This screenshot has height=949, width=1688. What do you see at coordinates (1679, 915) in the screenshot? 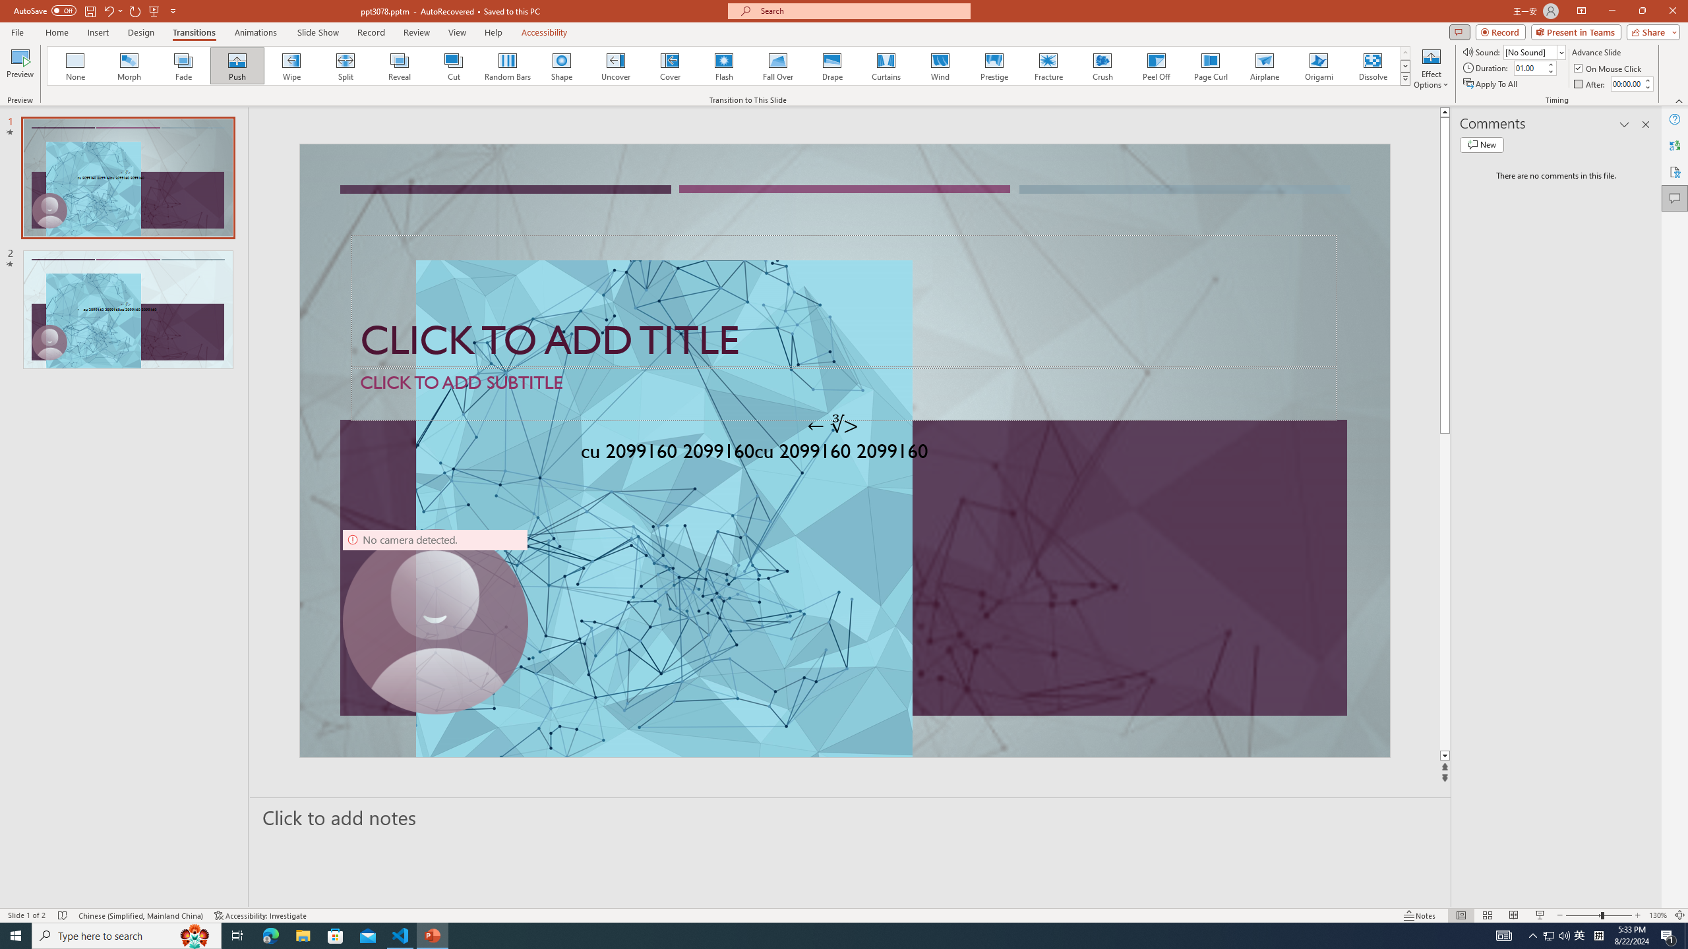
I see `'Zoom to Fit '` at bounding box center [1679, 915].